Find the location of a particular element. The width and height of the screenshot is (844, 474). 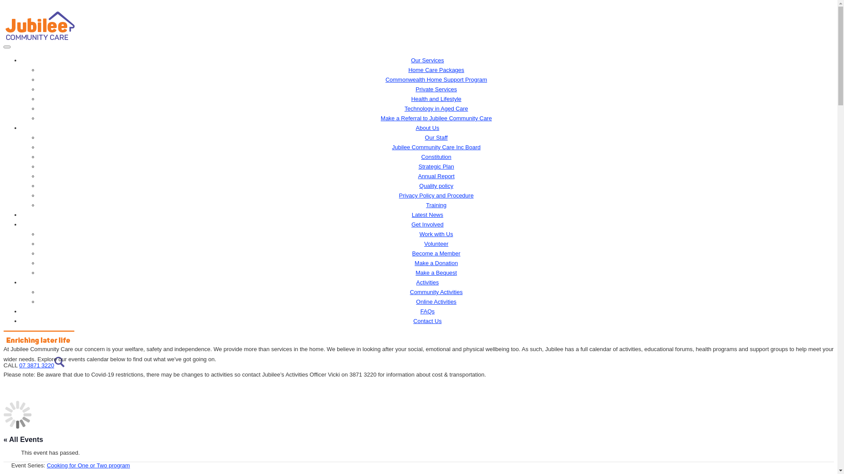

'Quality policy' is located at coordinates (436, 185).